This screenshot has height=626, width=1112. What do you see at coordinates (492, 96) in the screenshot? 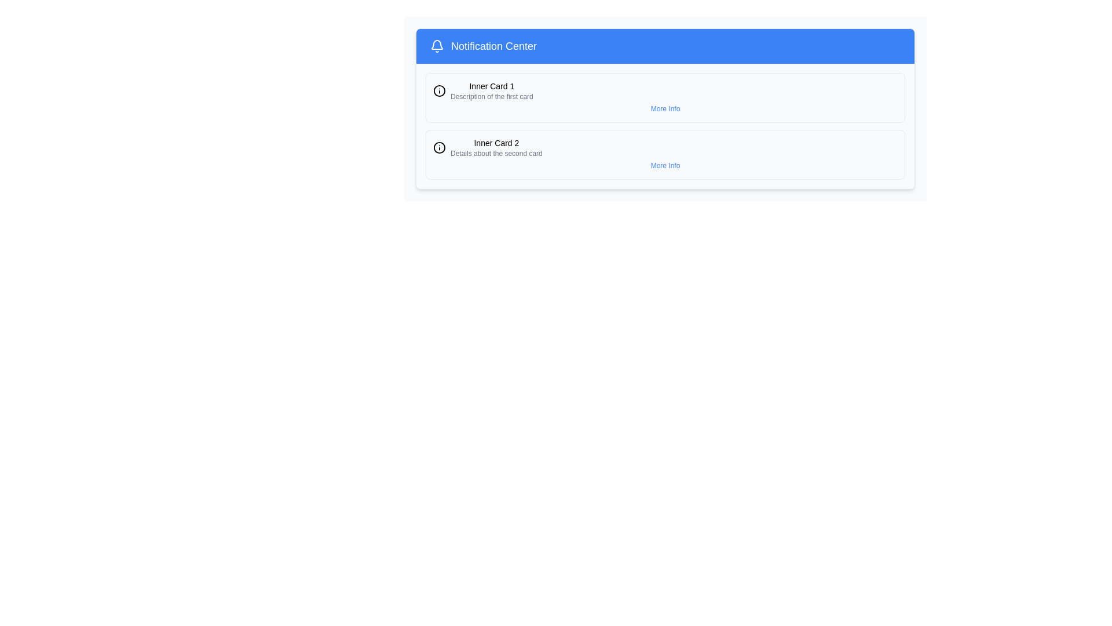
I see `the text label 'Description of the first card', which is displayed in small gray font and located directly below the title 'Inner Card 1' in the first card of the list` at bounding box center [492, 96].